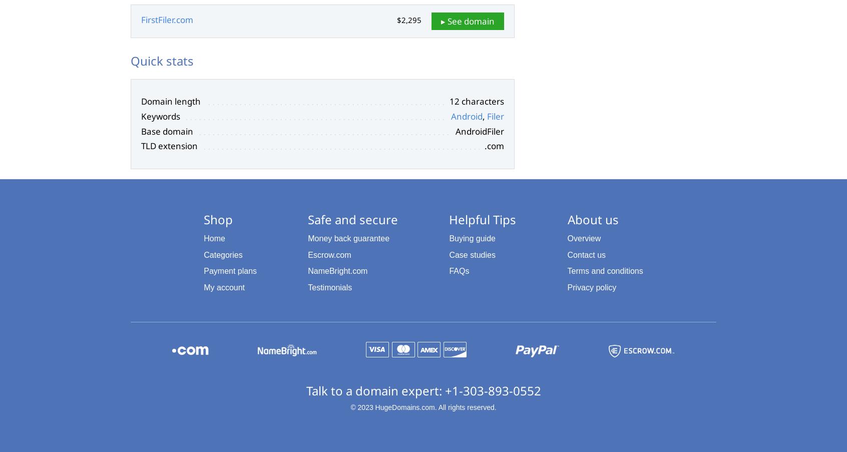 The image size is (847, 452). I want to click on 'Filer', so click(495, 116).